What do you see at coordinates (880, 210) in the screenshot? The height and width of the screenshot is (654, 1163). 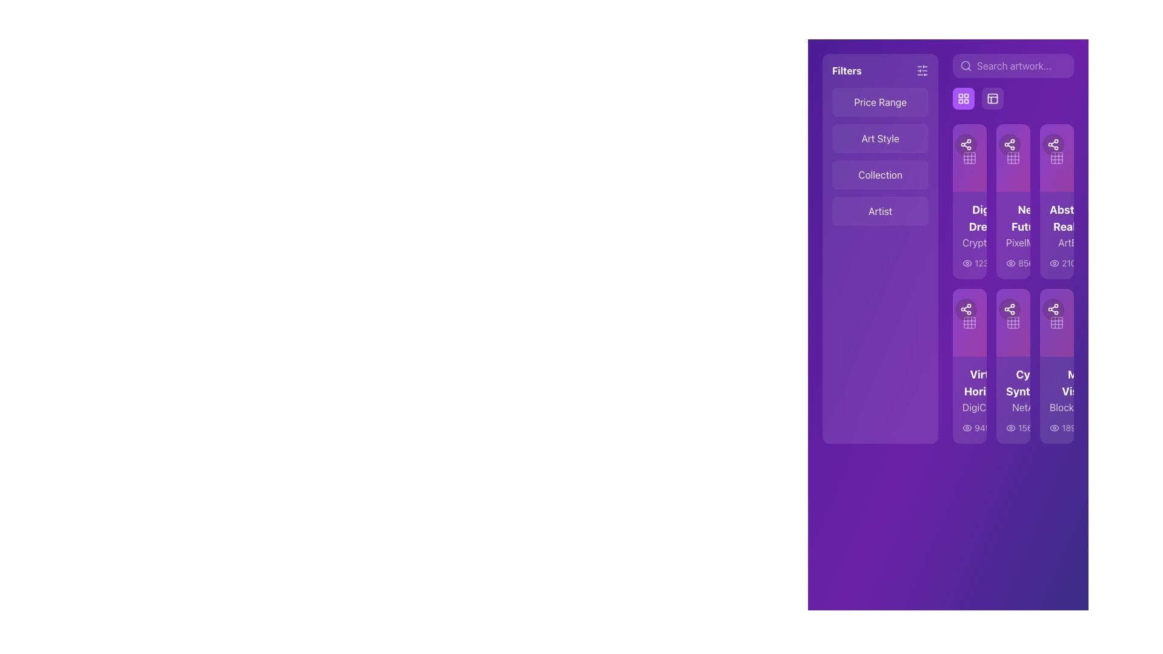 I see `the 'Artist' filter button located in the left-side menu, which is the fourth option in the vertically arranged list of filter criteria` at bounding box center [880, 210].